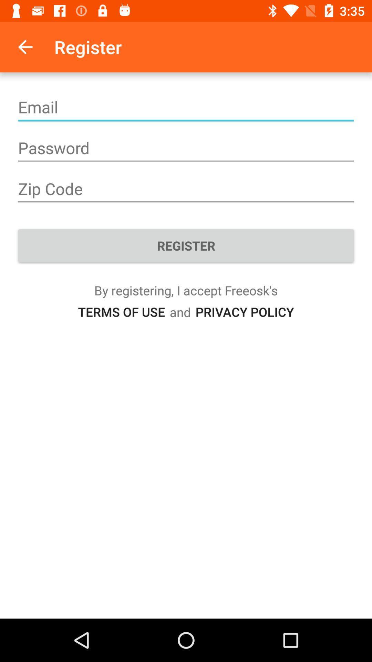 Image resolution: width=372 pixels, height=662 pixels. What do you see at coordinates (186, 189) in the screenshot?
I see `icon above the register icon` at bounding box center [186, 189].